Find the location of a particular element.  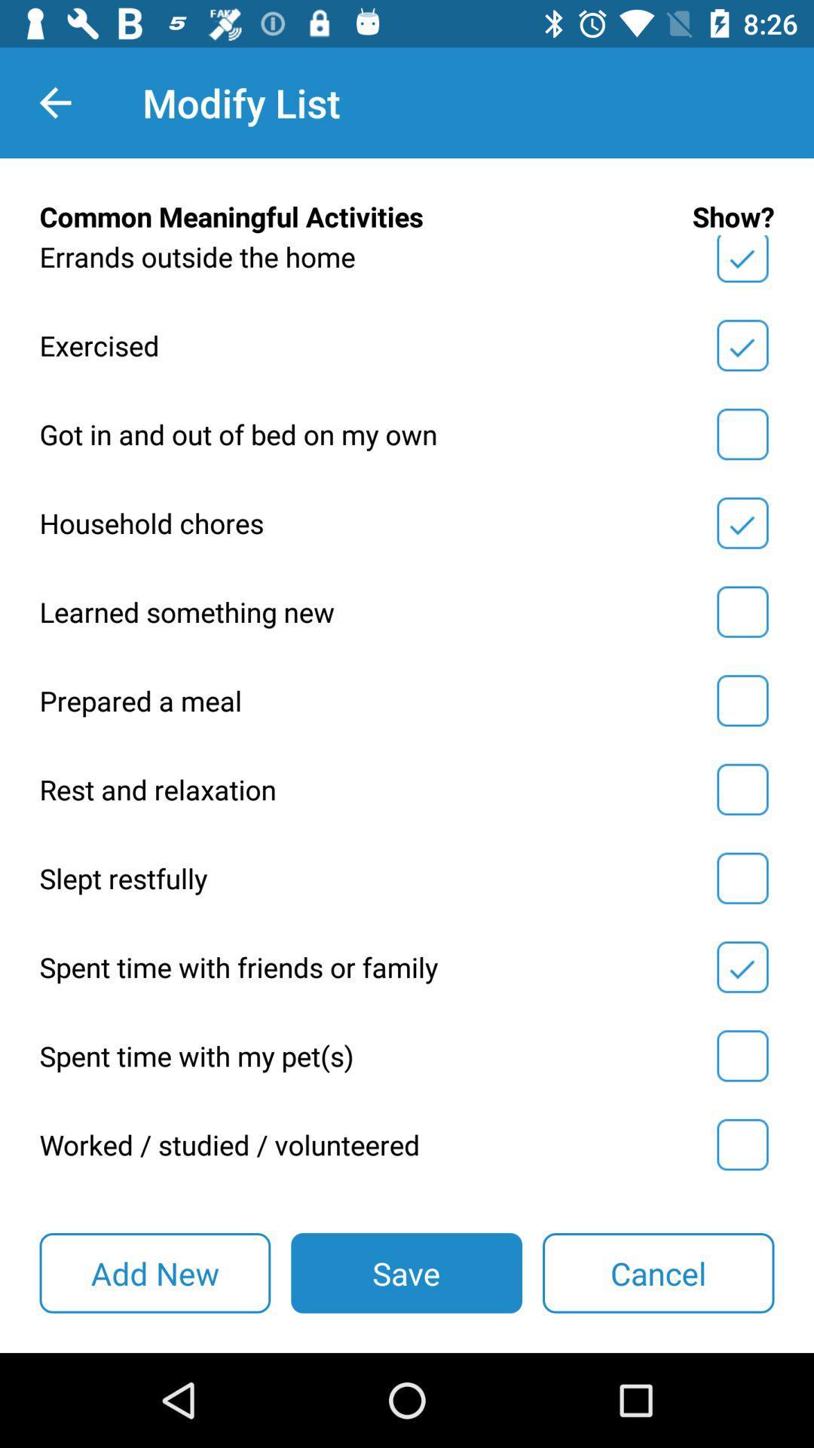

'slept restfully to your list of meaningful activities is located at coordinates (742, 878).